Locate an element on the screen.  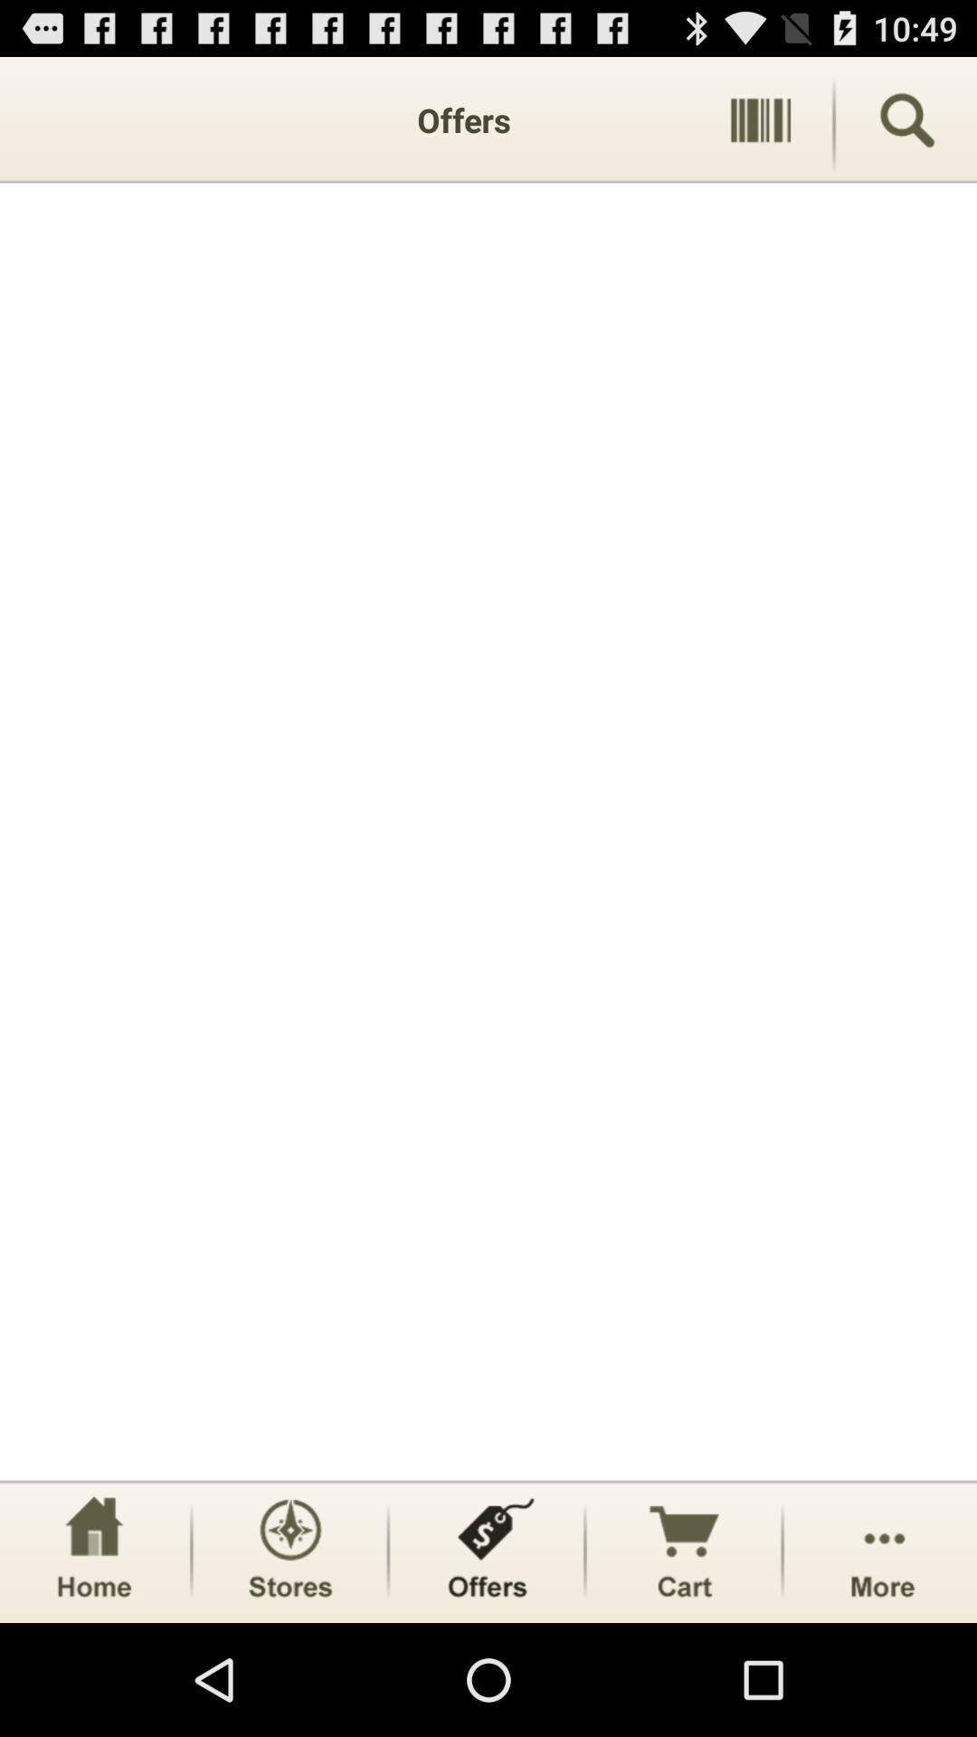
item below the offers app is located at coordinates (488, 831).